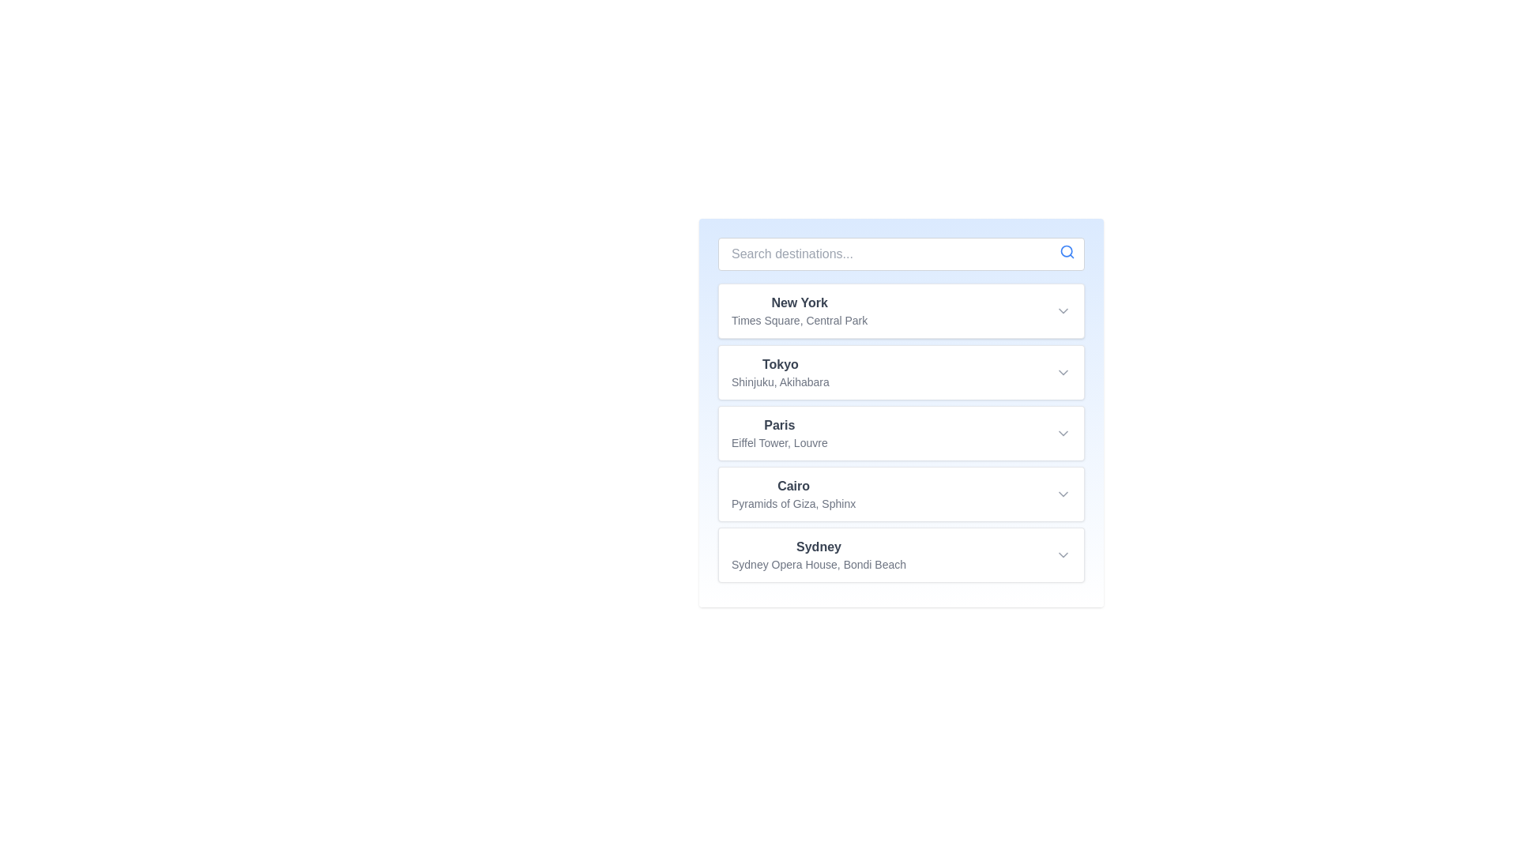 This screenshot has height=853, width=1517. I want to click on the expand/collapse icon on the far-right side of the 'Paris' entry in the dropdown list, so click(1063, 433).